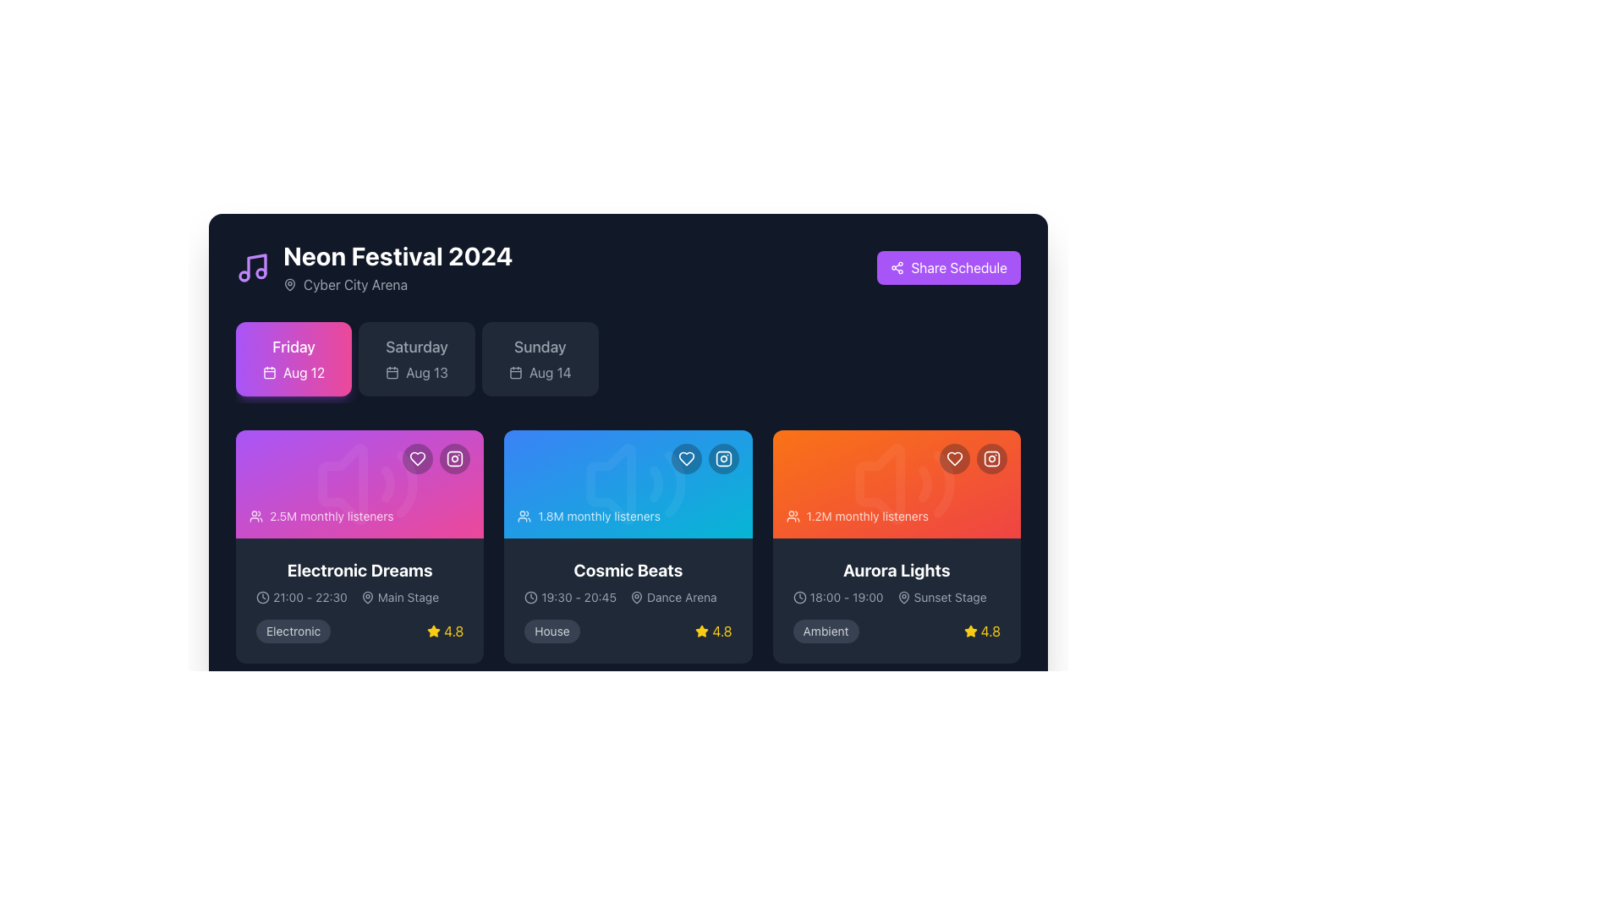 This screenshot has height=913, width=1624. I want to click on text of the label displaying 'Electronic Dreams', which is located at the bottom center of the first pink gradient tile in the grid, so click(359, 571).